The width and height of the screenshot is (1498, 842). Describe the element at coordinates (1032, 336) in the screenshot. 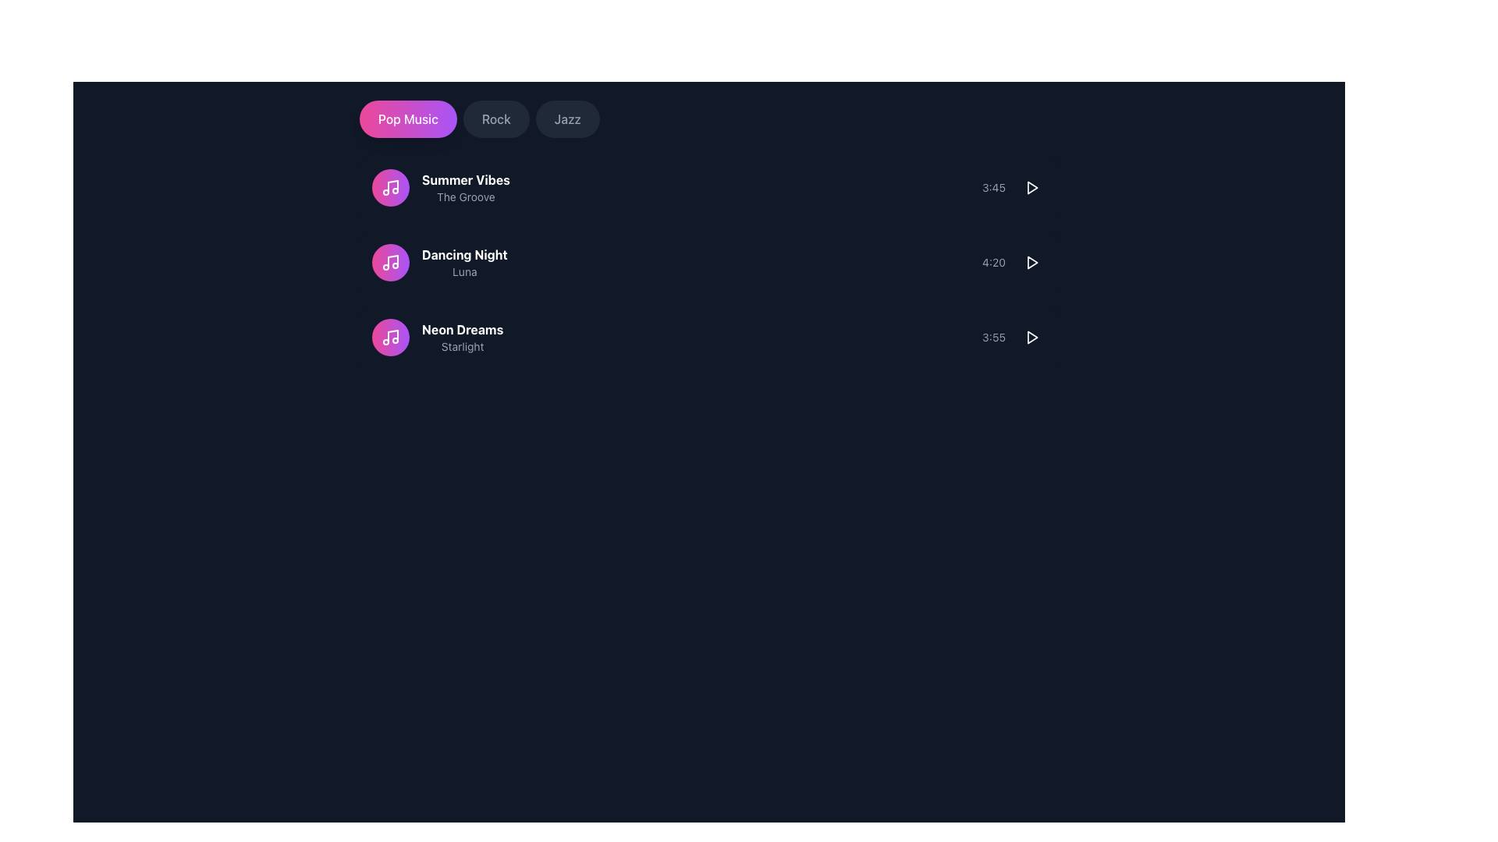

I see `the play button for the audio item titled 'Neon Dreams', located to the right of the duration text '3:55', which is the third button in the list` at that location.